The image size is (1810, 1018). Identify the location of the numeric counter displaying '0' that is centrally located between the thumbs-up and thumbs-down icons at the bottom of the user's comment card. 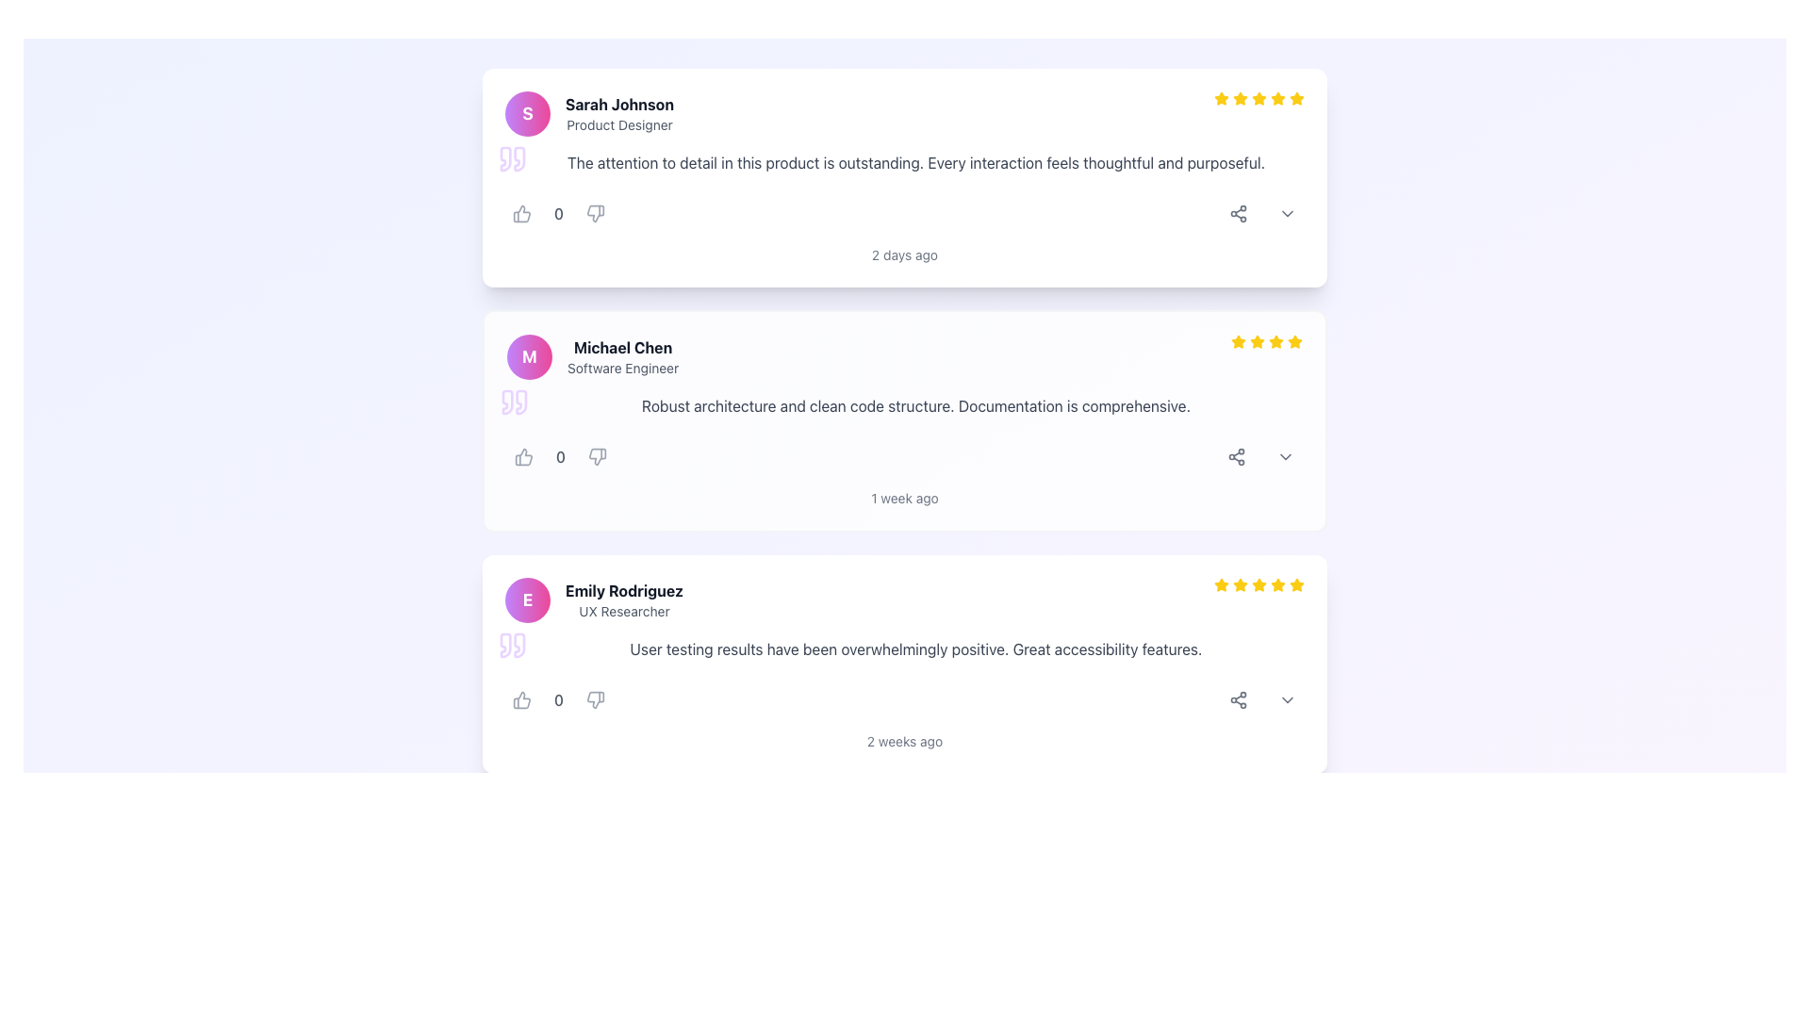
(558, 700).